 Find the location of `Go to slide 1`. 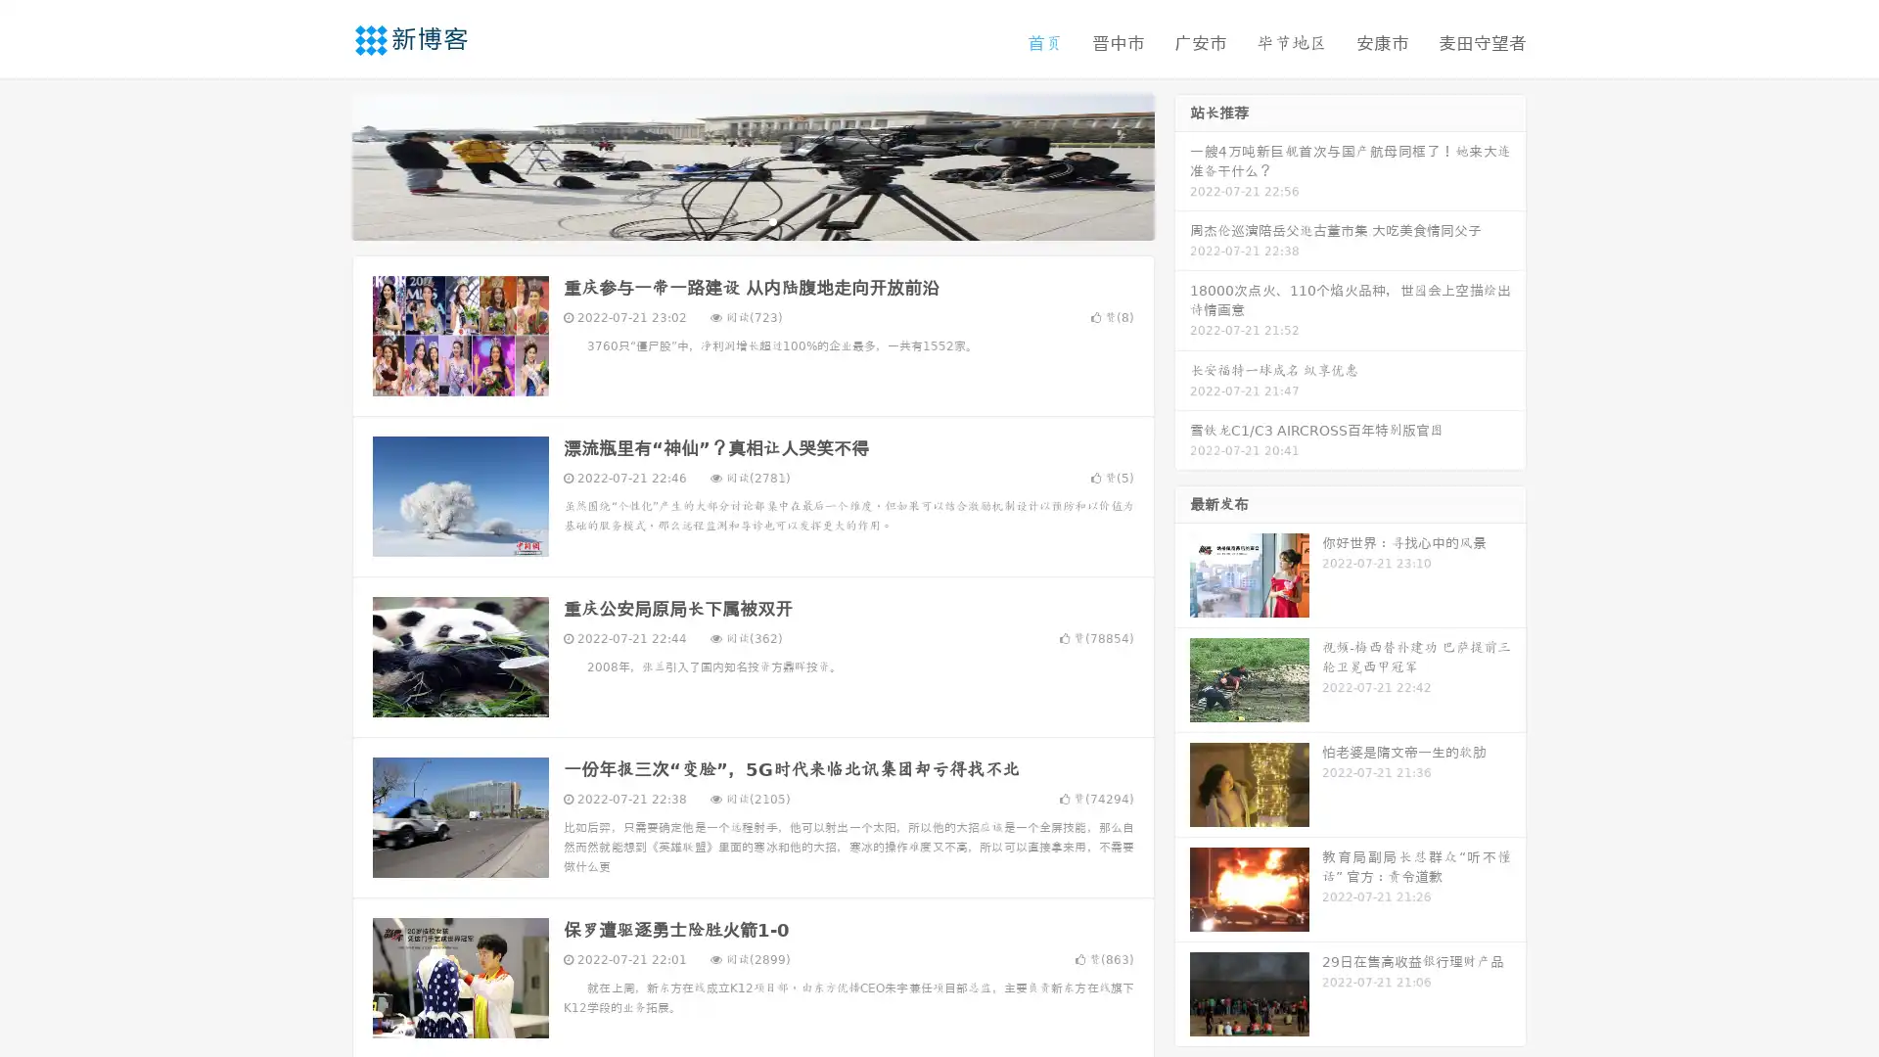

Go to slide 1 is located at coordinates (732, 220).